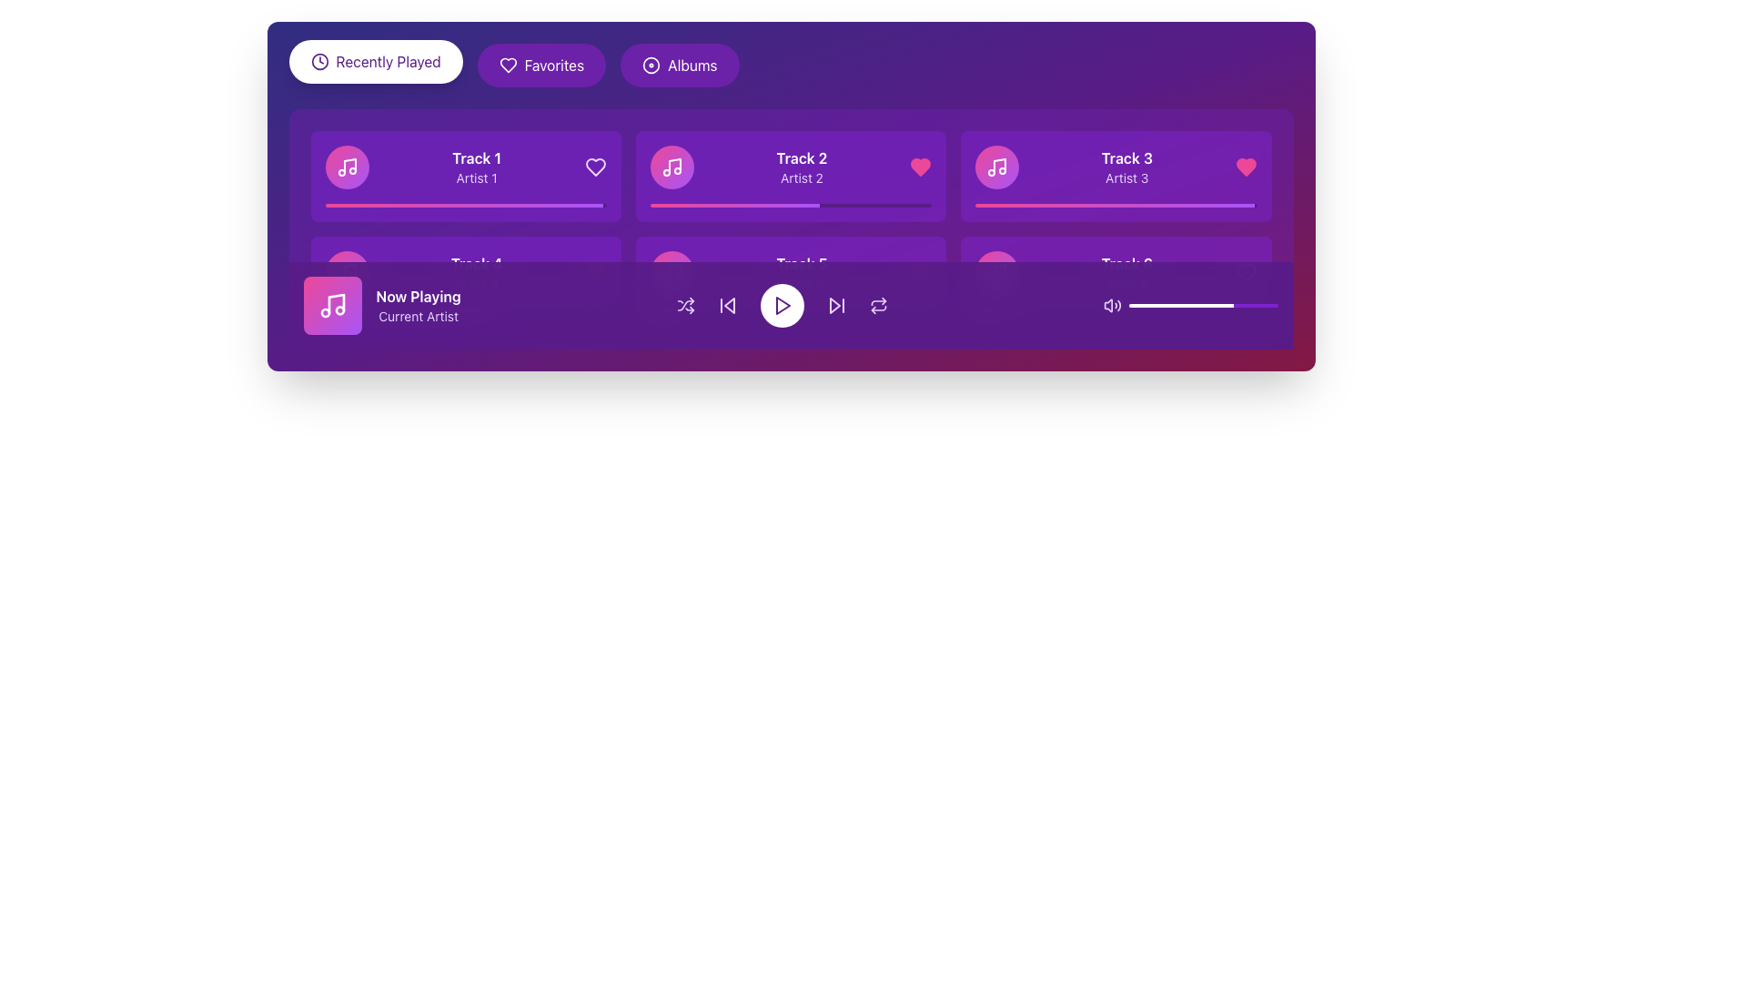 This screenshot has height=983, width=1747. Describe the element at coordinates (319, 61) in the screenshot. I see `the SVG icon located inside the 'Recently Played' button, positioned to the left of the text 'Recently Played'` at that location.